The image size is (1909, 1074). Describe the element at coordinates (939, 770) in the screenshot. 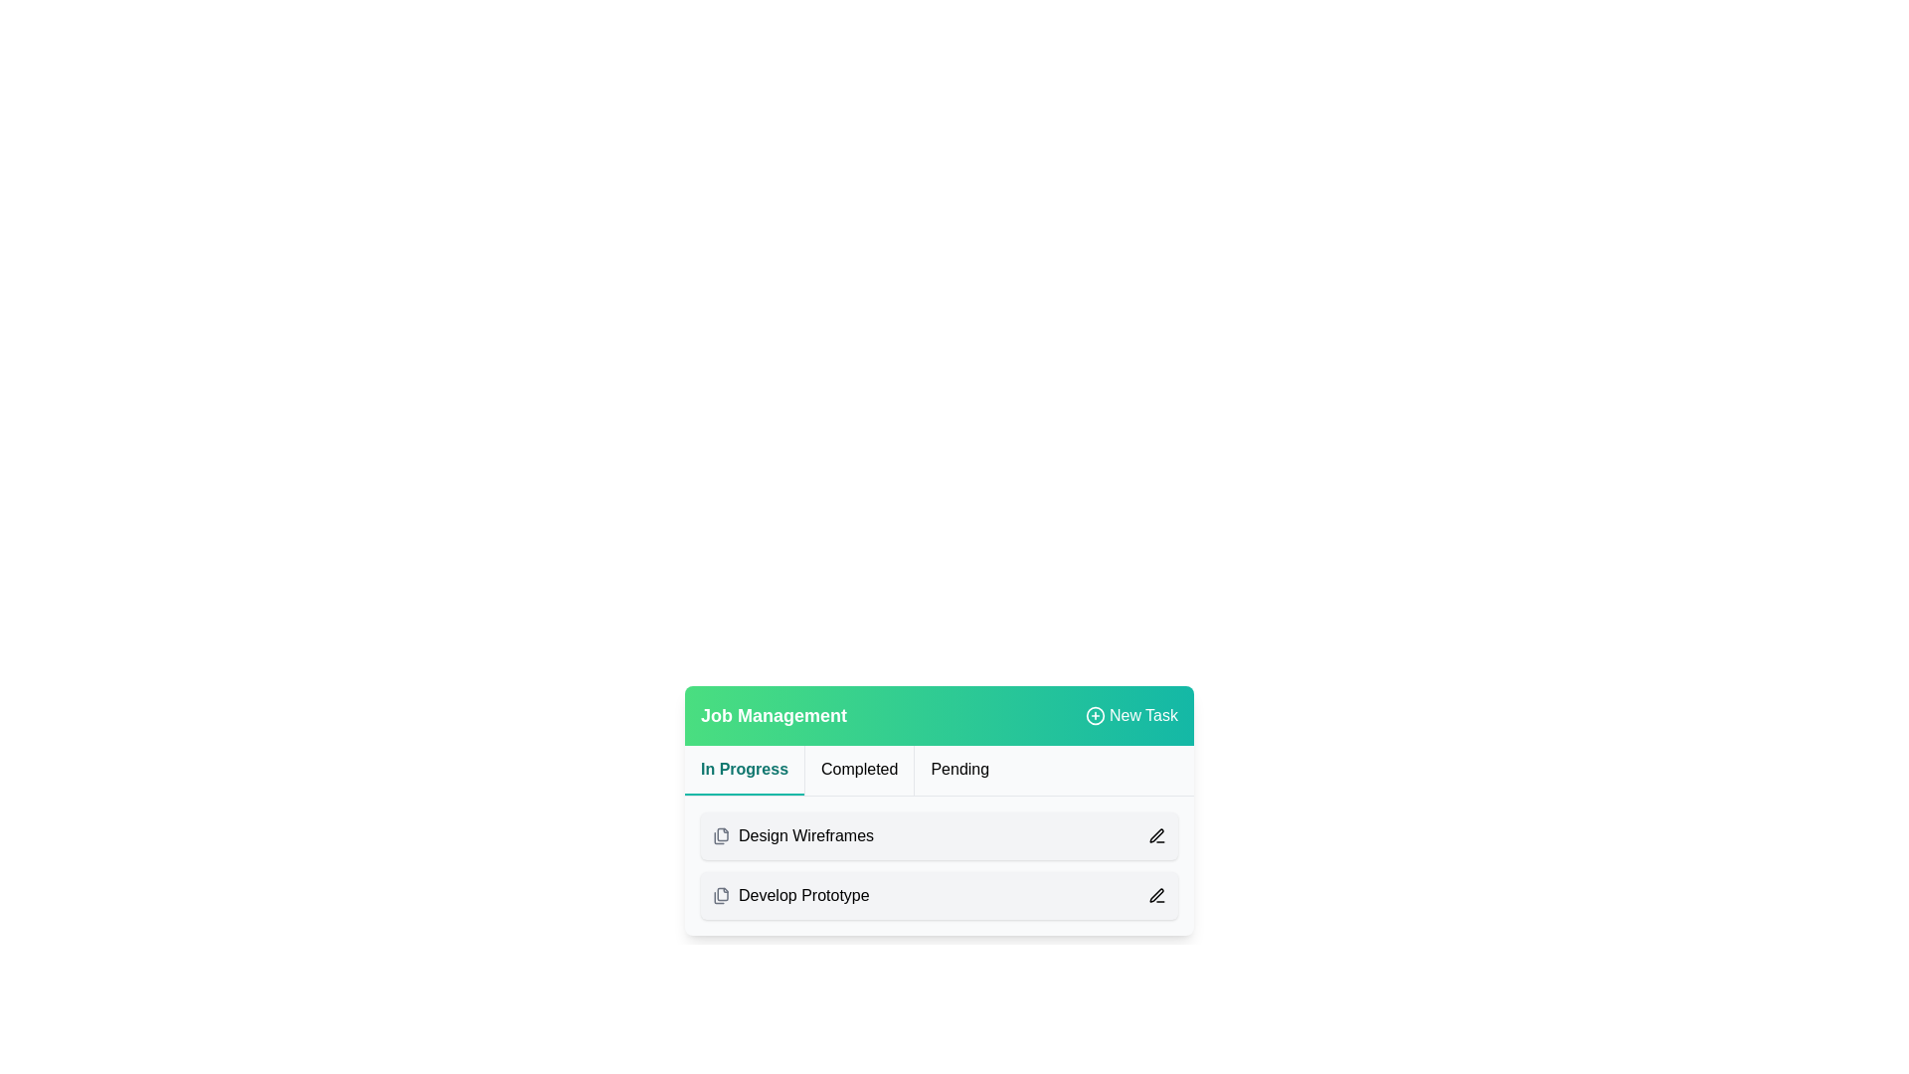

I see `the 'Pending' segment of the Segmented Control Bar` at that location.